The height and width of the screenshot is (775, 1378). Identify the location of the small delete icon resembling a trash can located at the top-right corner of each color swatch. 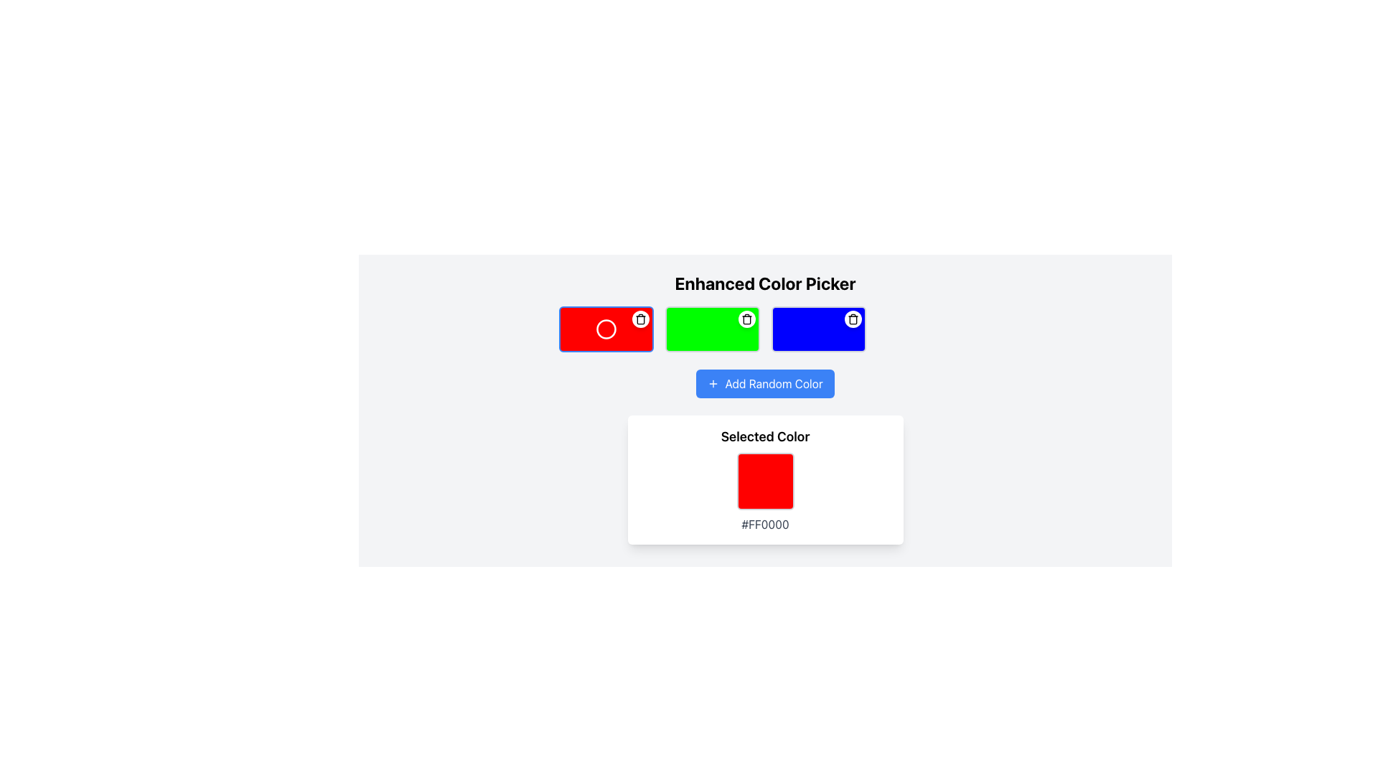
(639, 318).